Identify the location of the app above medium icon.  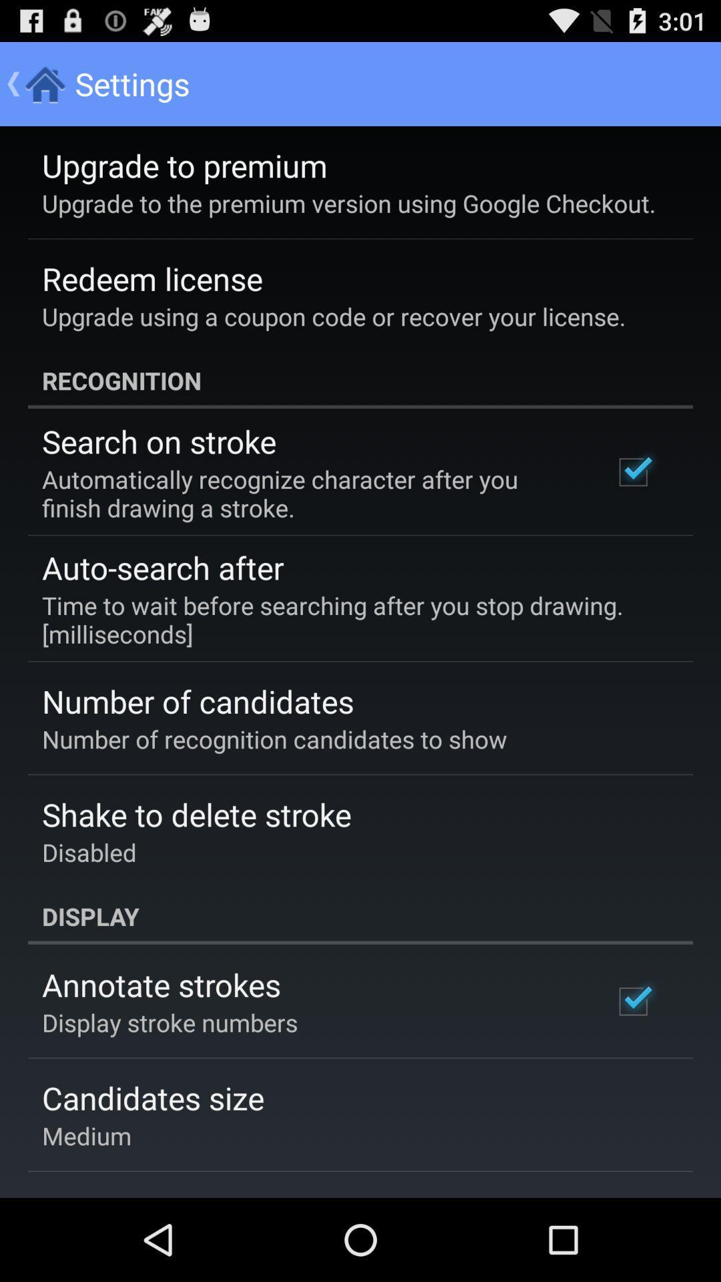
(152, 1098).